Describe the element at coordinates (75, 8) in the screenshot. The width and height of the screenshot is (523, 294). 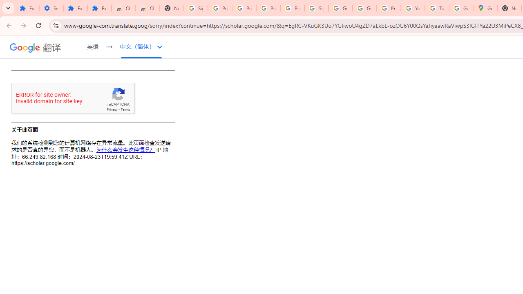
I see `'Extensions'` at that location.